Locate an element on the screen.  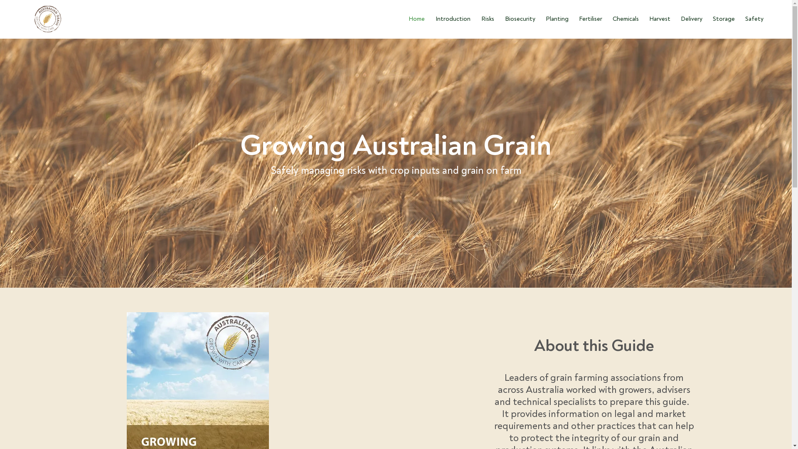
'Planting' is located at coordinates (556, 19).